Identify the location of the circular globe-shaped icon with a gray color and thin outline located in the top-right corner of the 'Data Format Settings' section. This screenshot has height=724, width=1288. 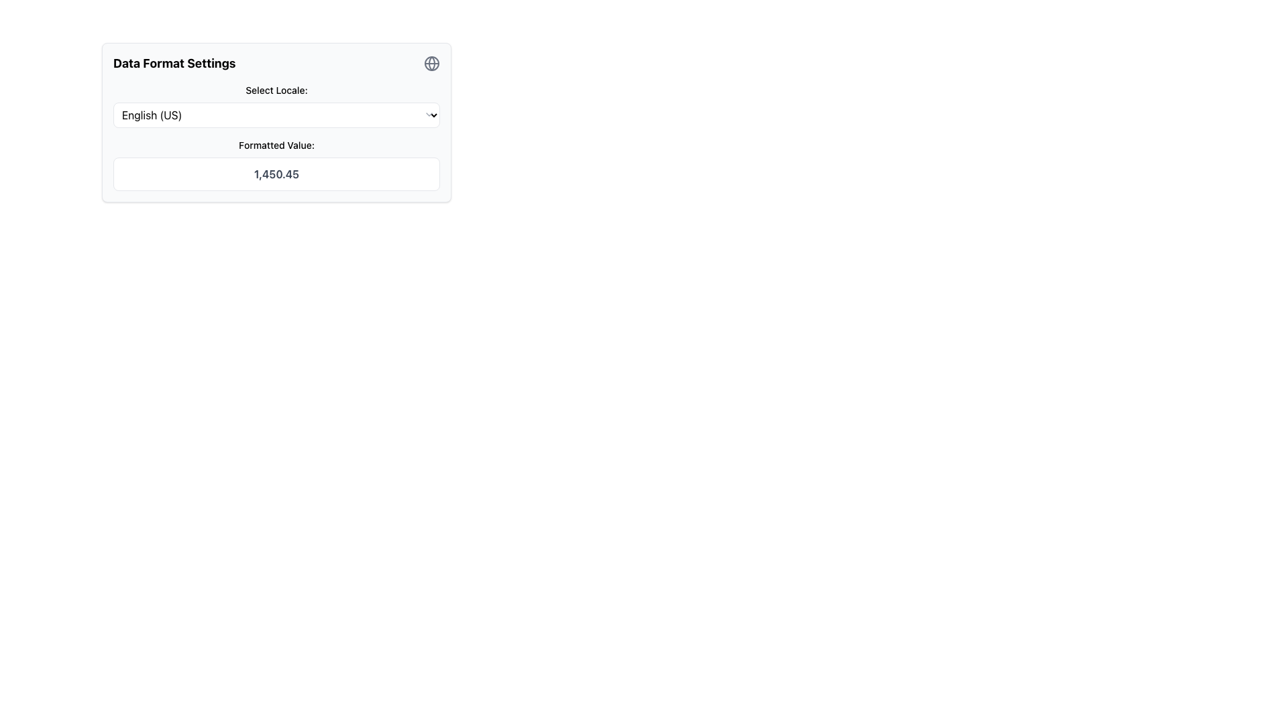
(431, 64).